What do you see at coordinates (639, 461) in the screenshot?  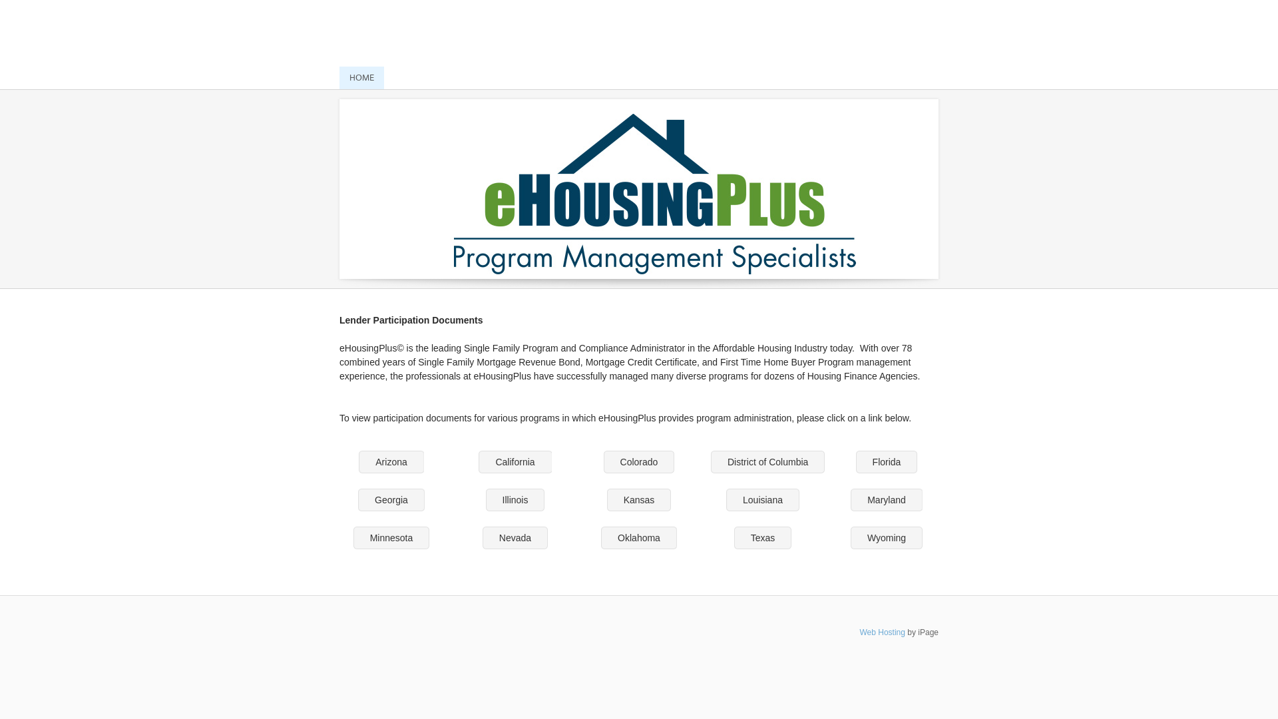 I see `'Colorado'` at bounding box center [639, 461].